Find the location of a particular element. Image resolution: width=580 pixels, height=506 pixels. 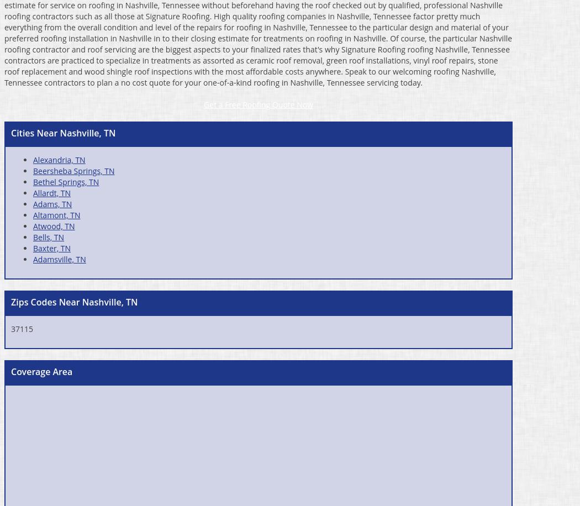

'Coverage Area' is located at coordinates (41, 370).